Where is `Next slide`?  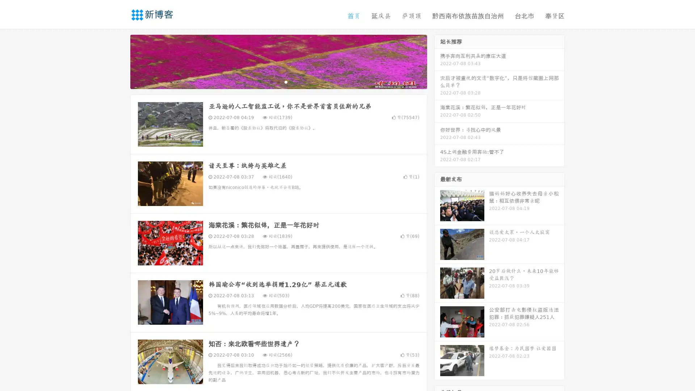
Next slide is located at coordinates (437, 61).